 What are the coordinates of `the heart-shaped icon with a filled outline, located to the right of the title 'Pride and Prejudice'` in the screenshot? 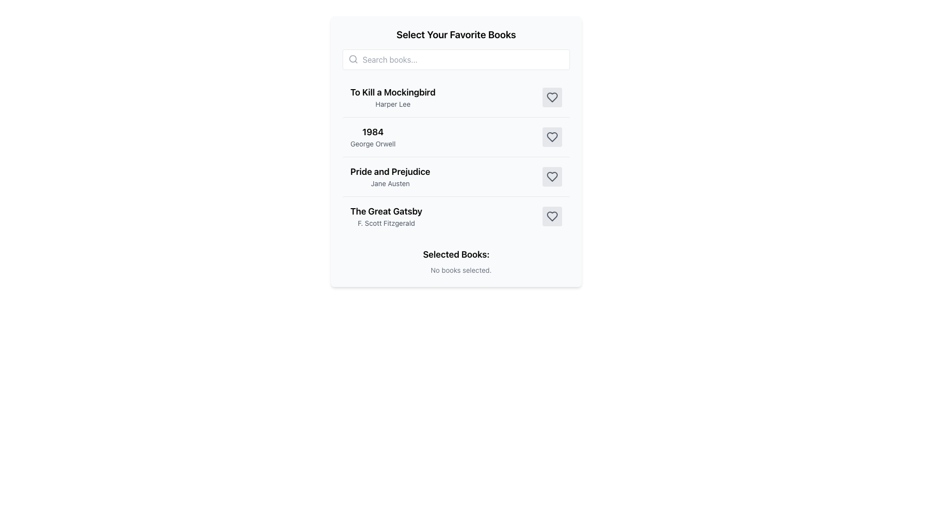 It's located at (552, 177).